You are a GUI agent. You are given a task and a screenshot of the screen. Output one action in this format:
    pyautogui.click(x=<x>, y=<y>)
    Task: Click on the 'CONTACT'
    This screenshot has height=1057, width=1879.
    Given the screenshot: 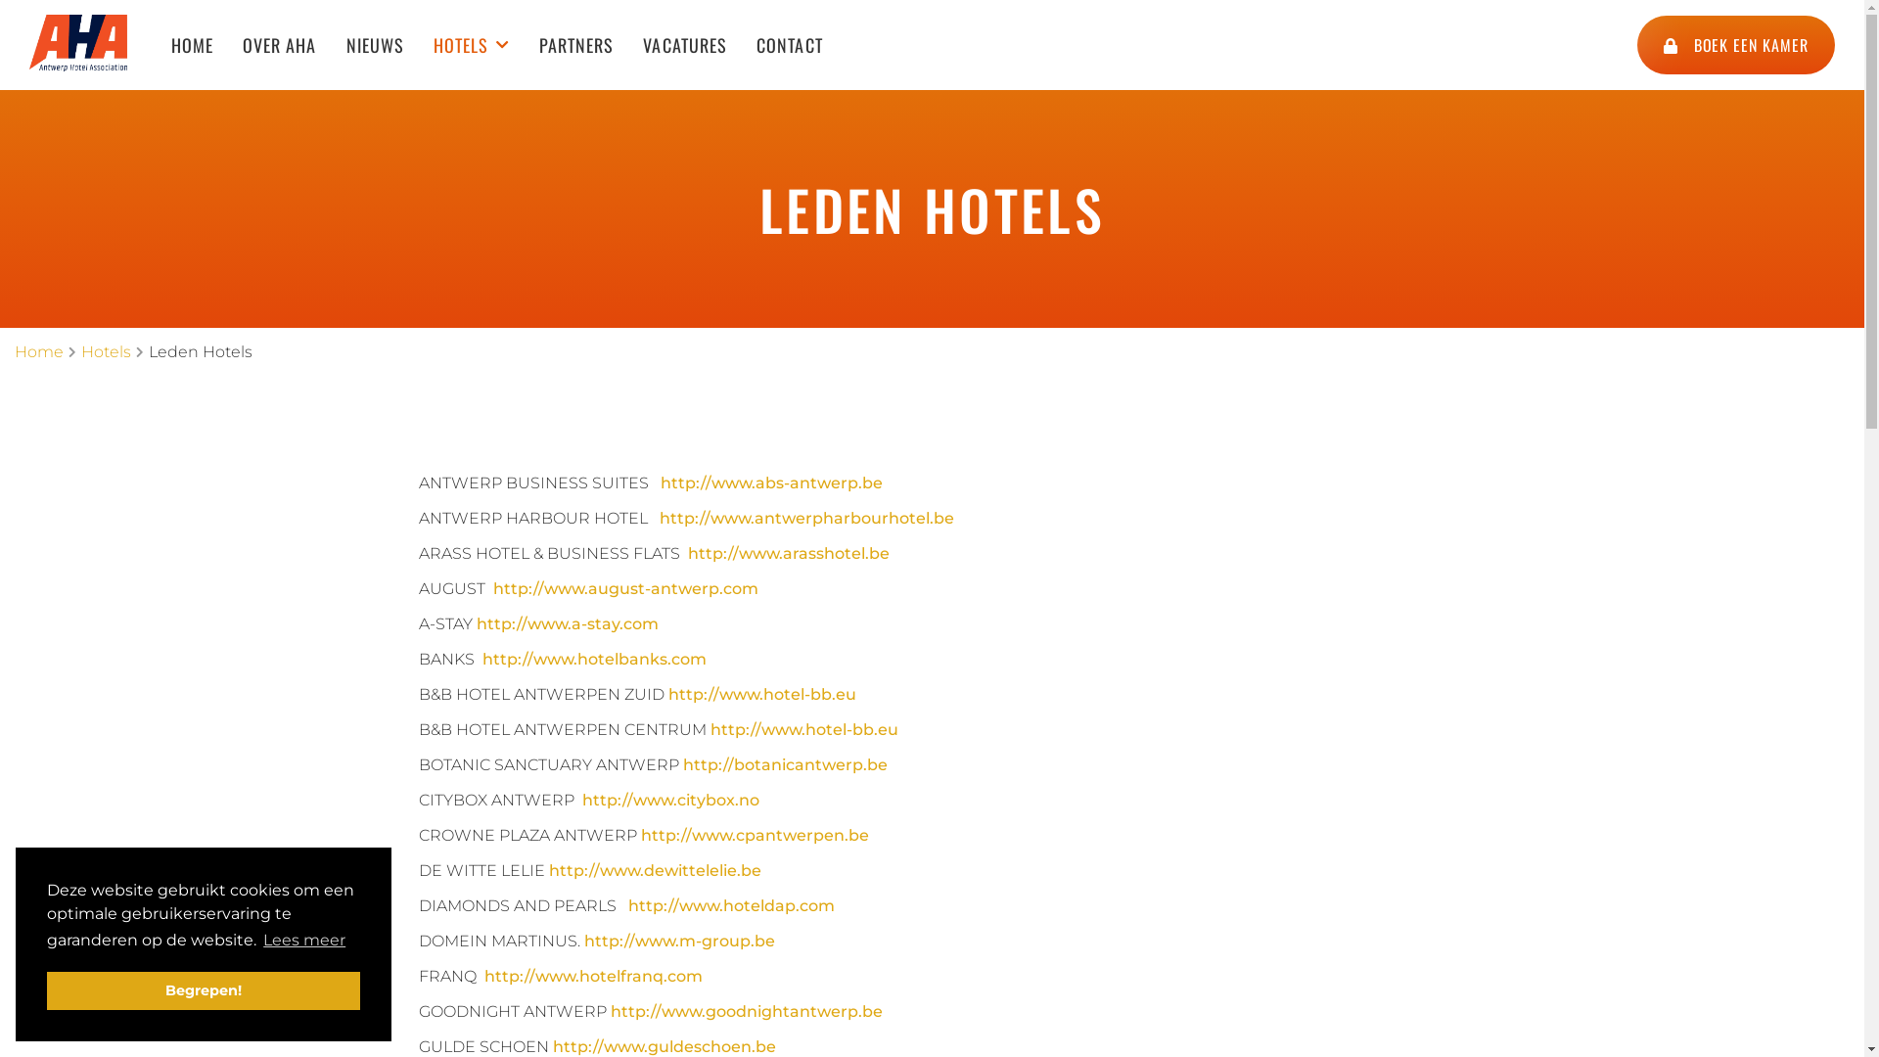 What is the action you would take?
    pyautogui.click(x=789, y=44)
    